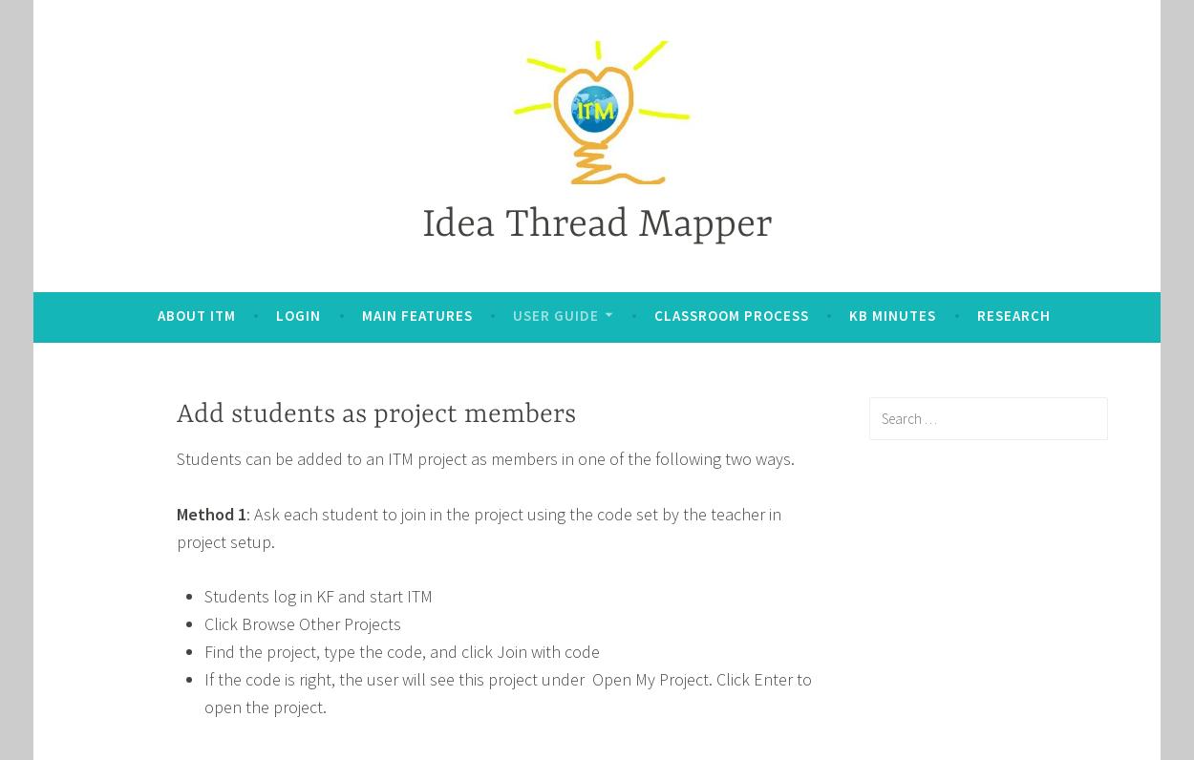 The image size is (1194, 760). Describe the element at coordinates (555, 315) in the screenshot. I see `'User Guide'` at that location.